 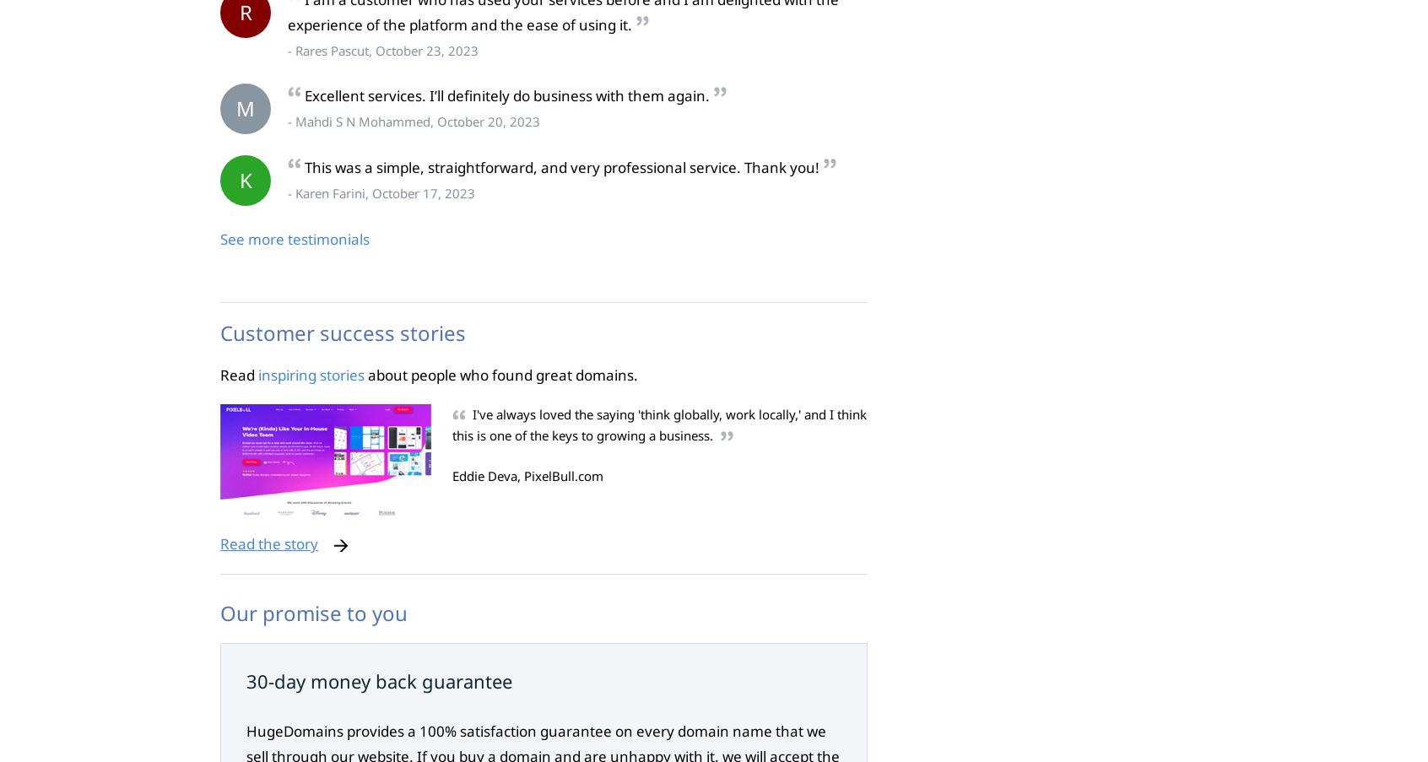 What do you see at coordinates (286, 193) in the screenshot?
I see `'- Karen Farini, October 17, 2023'` at bounding box center [286, 193].